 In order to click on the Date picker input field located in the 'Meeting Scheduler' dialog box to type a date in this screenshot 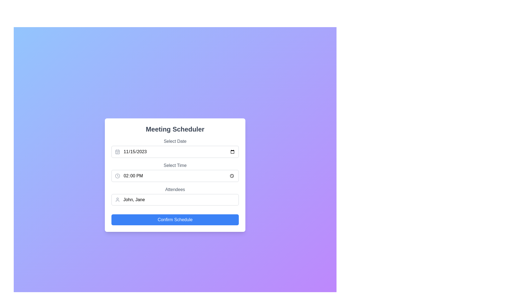, I will do `click(175, 148)`.